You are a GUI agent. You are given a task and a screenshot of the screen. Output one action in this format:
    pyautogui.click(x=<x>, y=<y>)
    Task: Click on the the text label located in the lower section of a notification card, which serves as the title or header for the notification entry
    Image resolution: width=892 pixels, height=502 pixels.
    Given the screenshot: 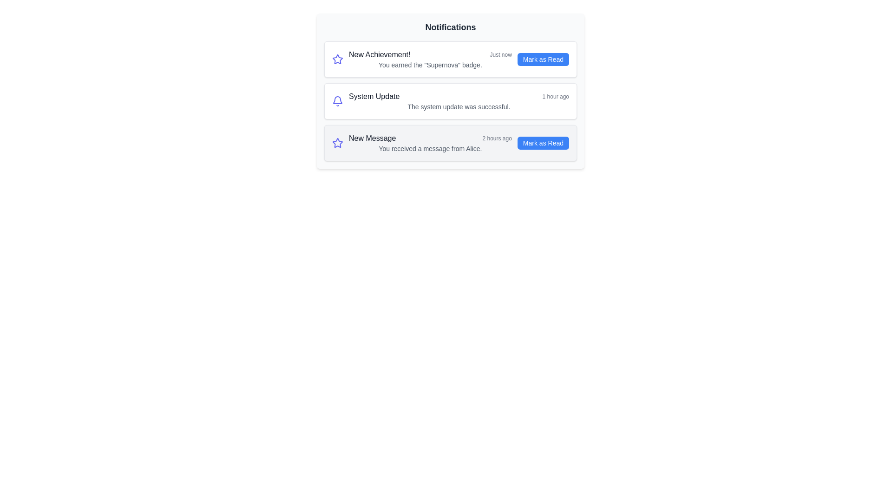 What is the action you would take?
    pyautogui.click(x=372, y=138)
    